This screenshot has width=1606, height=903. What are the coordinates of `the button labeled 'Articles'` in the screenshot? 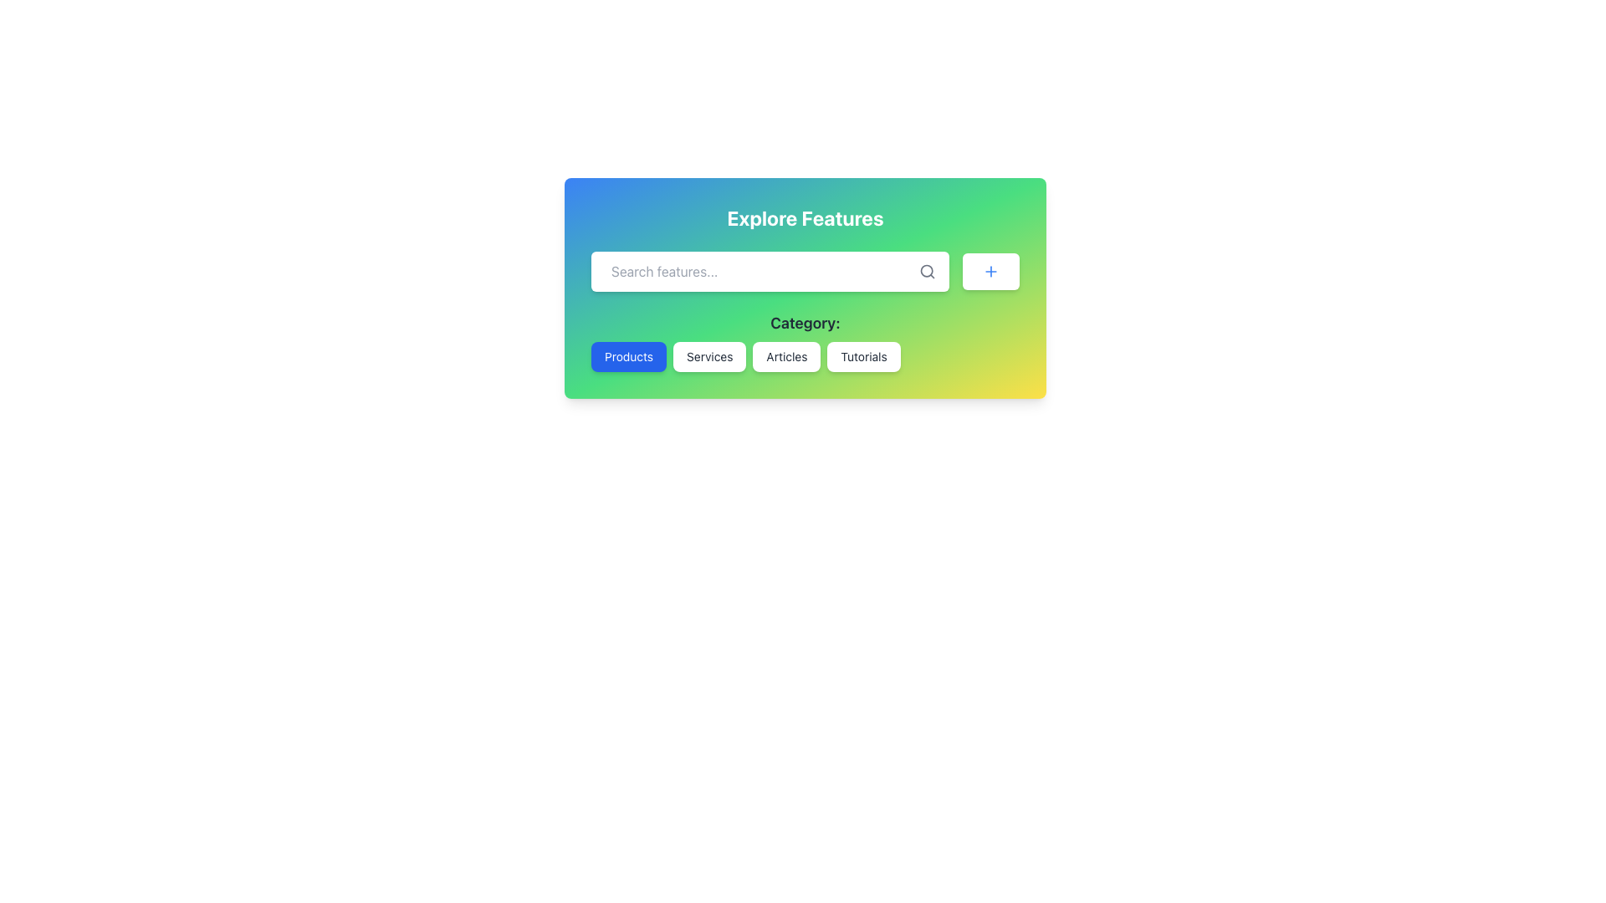 It's located at (806, 356).